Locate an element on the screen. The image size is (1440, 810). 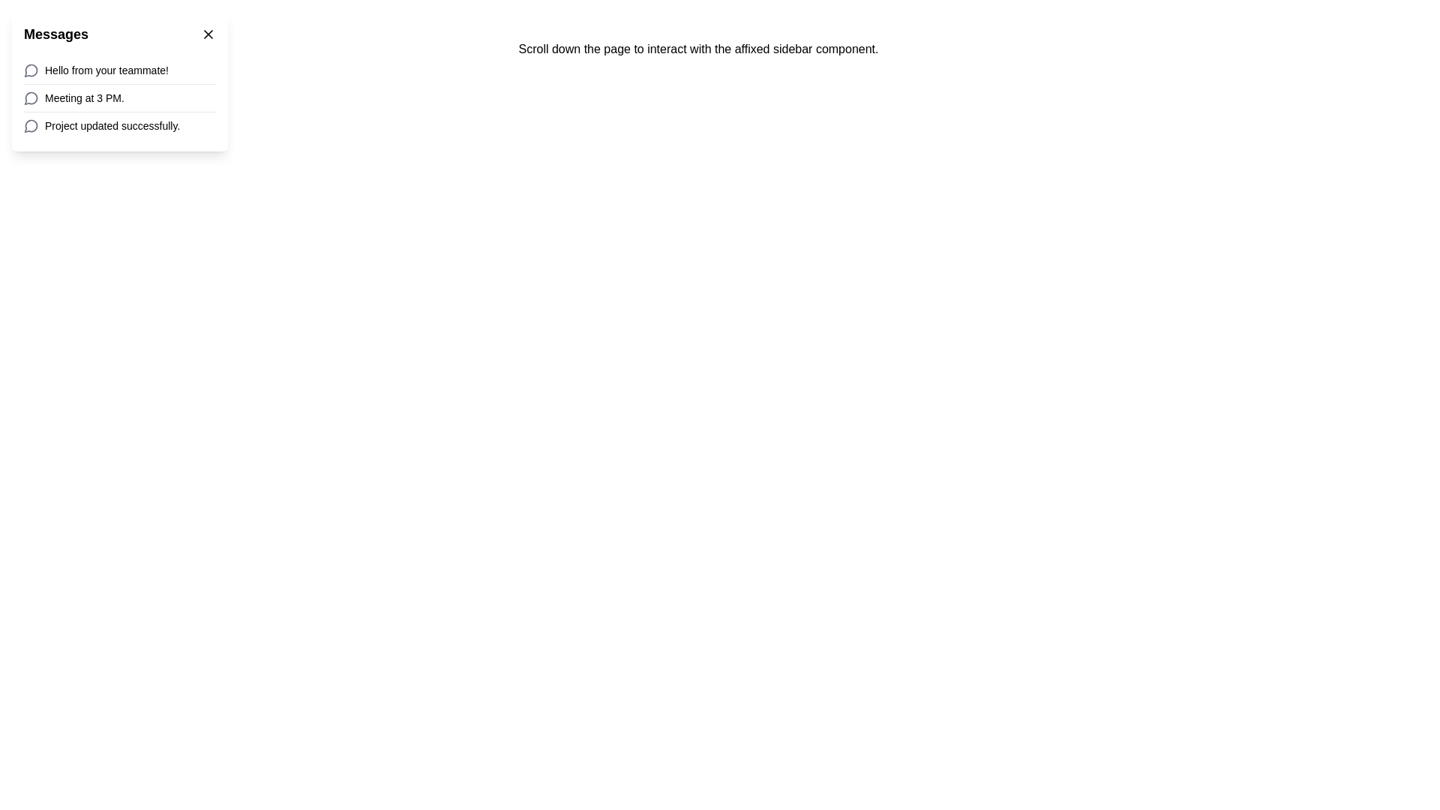
the Text Label that instructs users to 'Scroll down the page to interact with the affixed sidebar component.' located at the top-center area of the interface is located at coordinates (697, 48).